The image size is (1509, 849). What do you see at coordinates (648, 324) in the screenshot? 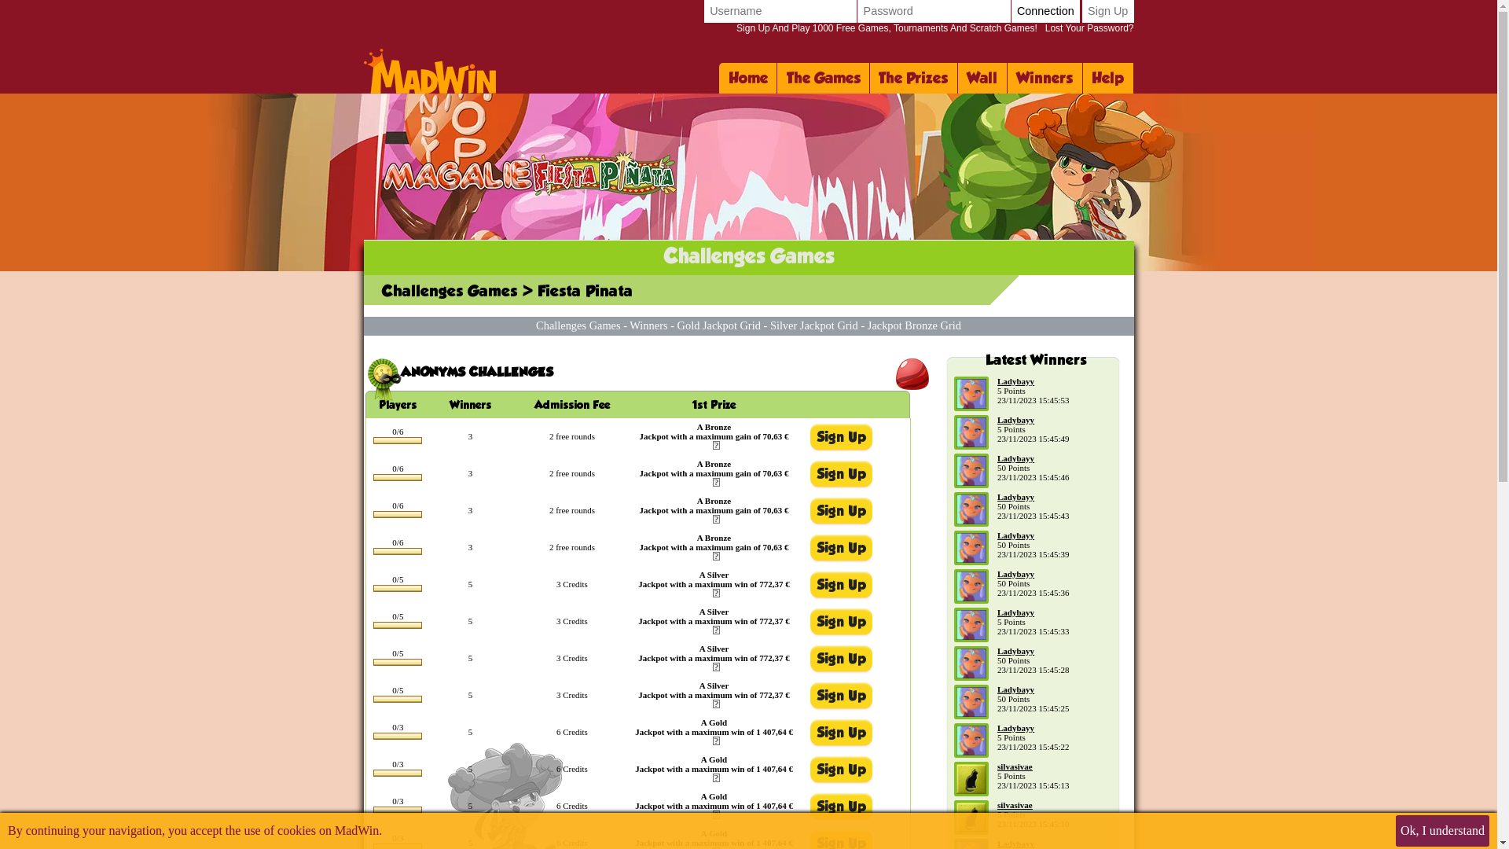
I see `'Winners'` at bounding box center [648, 324].